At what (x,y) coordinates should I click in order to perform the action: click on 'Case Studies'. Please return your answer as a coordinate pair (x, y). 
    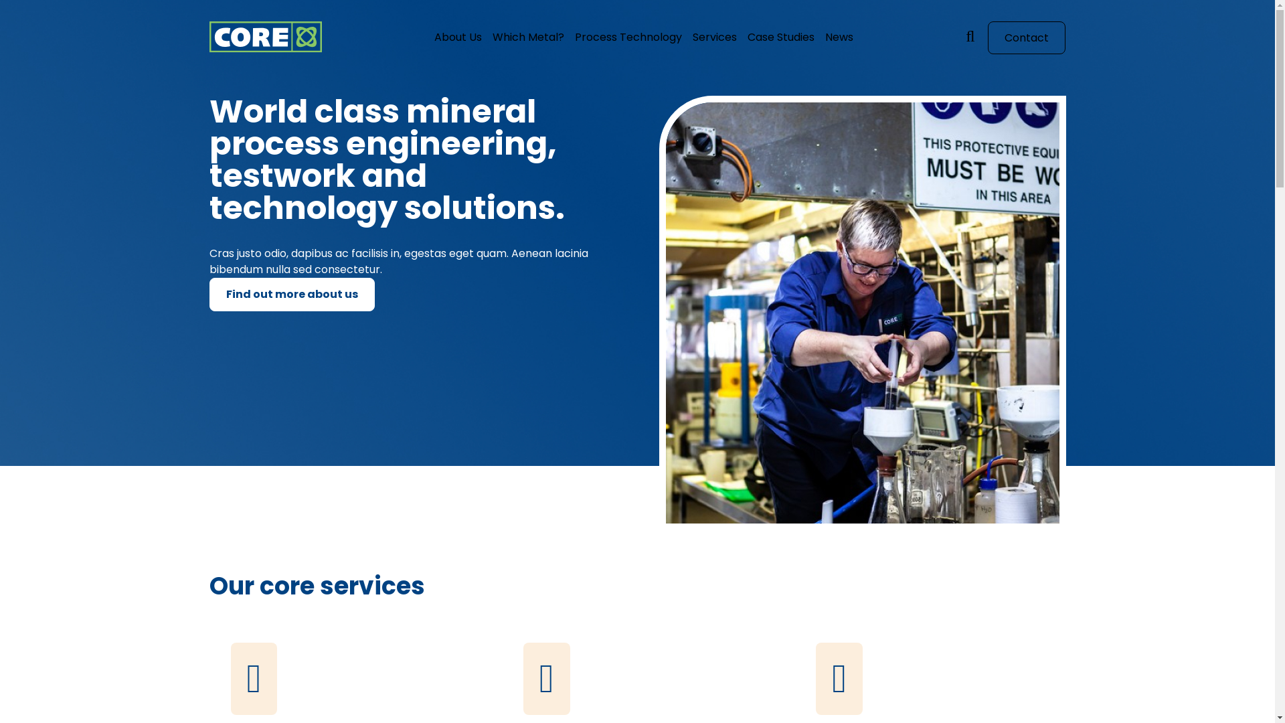
    Looking at the image, I should click on (780, 36).